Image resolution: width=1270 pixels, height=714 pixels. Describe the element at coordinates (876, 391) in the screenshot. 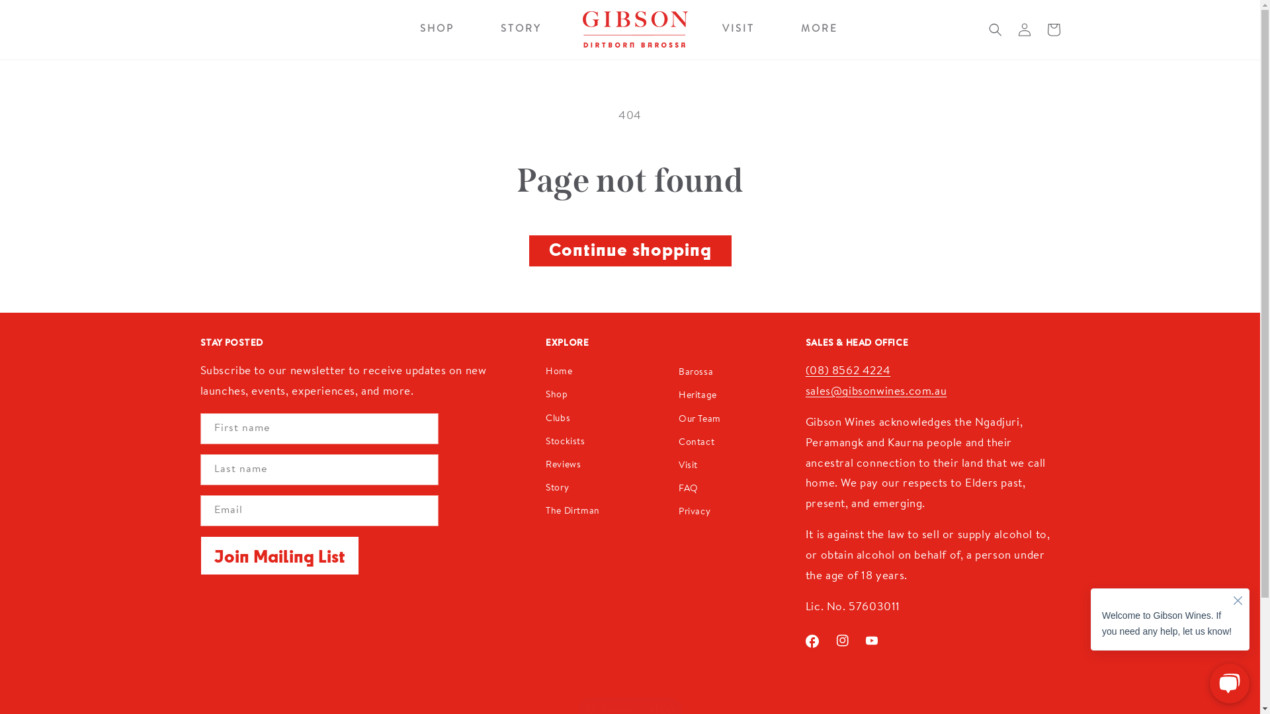

I see `'sales@gibsonwines.com.au'` at that location.